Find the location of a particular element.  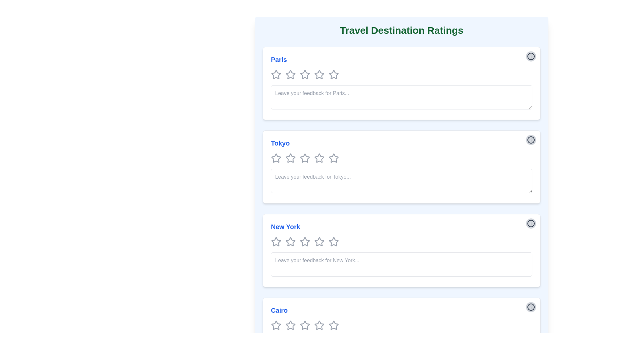

the second star-shaped icon in the rating bar for the 'Paris' section is located at coordinates (319, 74).